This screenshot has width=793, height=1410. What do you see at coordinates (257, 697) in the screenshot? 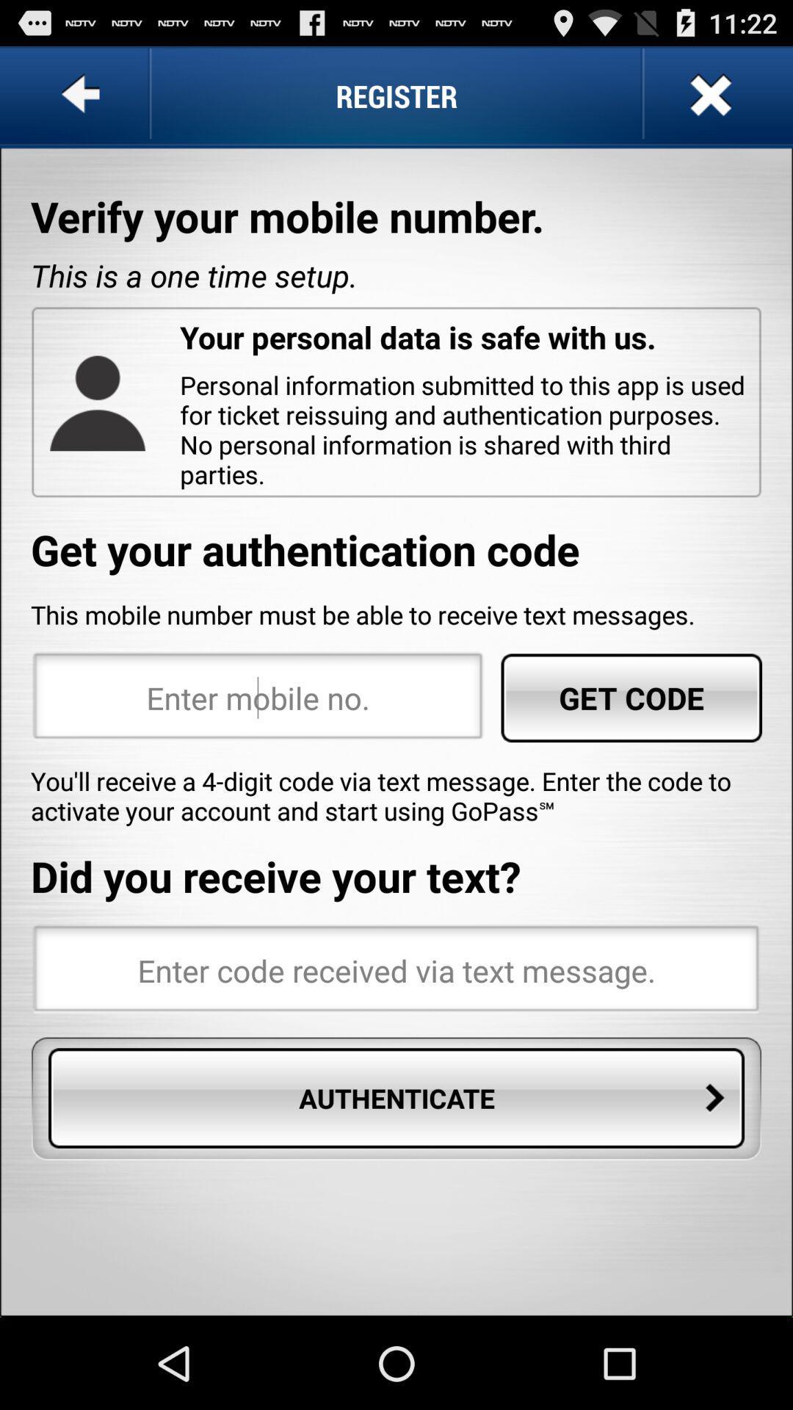
I see `mobile number` at bounding box center [257, 697].